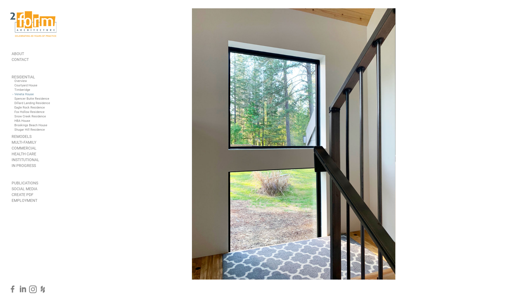  What do you see at coordinates (12, 189) in the screenshot?
I see `'SOCIAL MEDIA'` at bounding box center [12, 189].